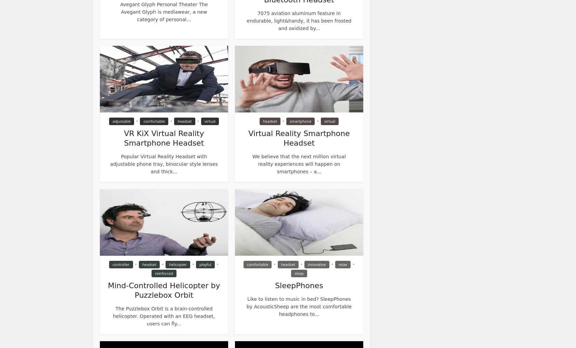  Describe the element at coordinates (300, 121) in the screenshot. I see `'smartphone'` at that location.